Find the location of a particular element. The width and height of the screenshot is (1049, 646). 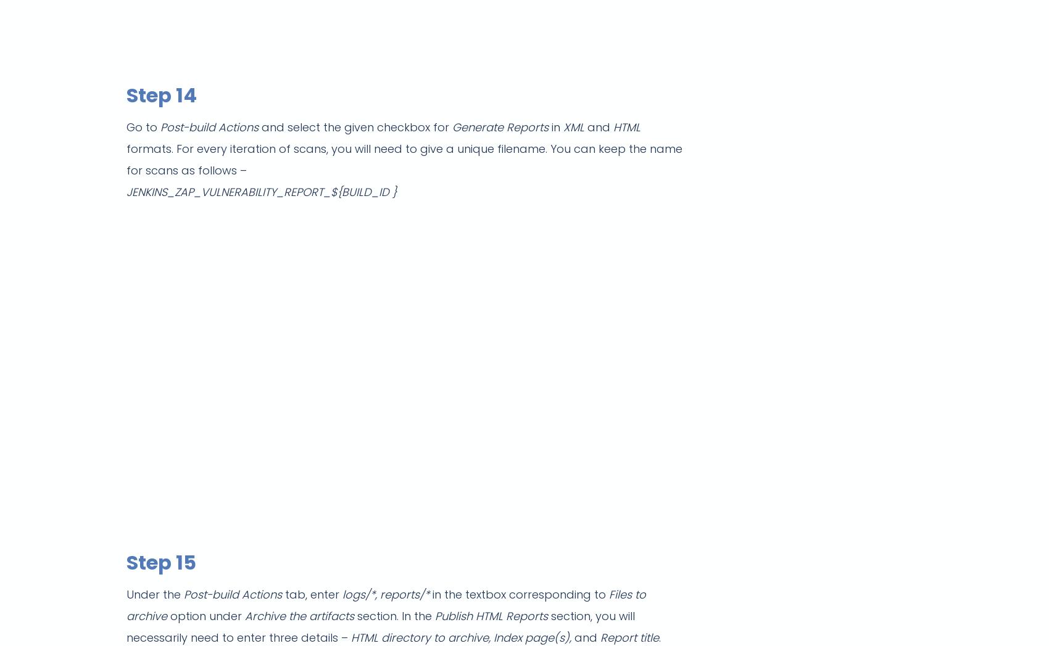

'XML' is located at coordinates (563, 126).